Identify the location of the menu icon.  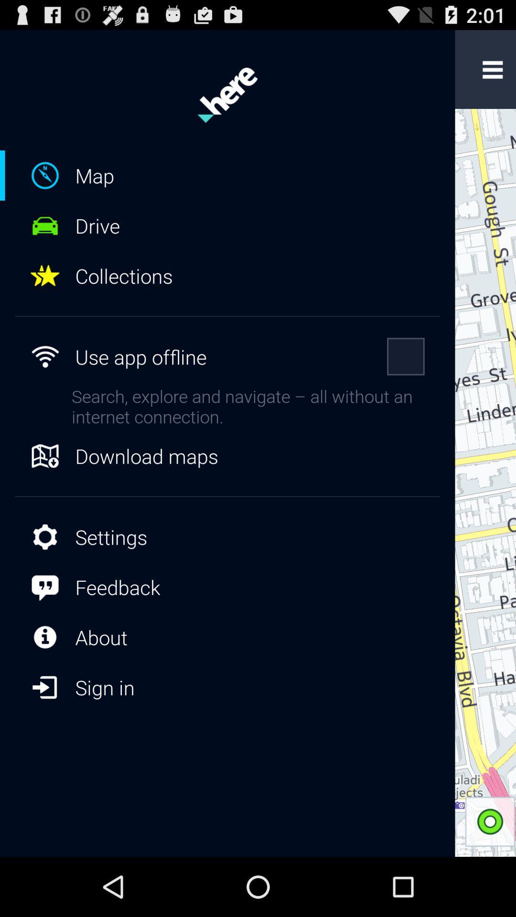
(493, 74).